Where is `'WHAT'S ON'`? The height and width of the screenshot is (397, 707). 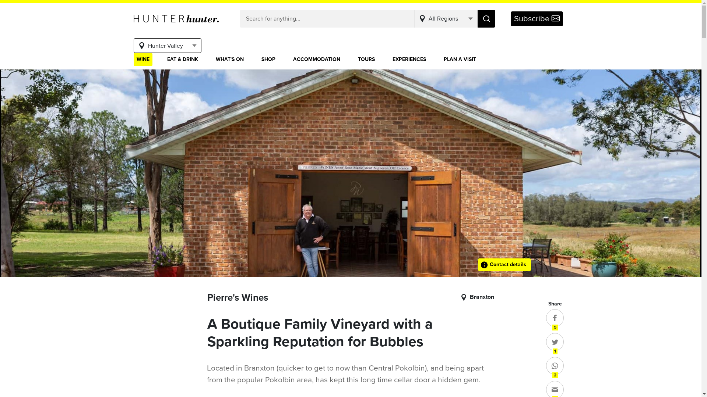
'WHAT'S ON' is located at coordinates (229, 59).